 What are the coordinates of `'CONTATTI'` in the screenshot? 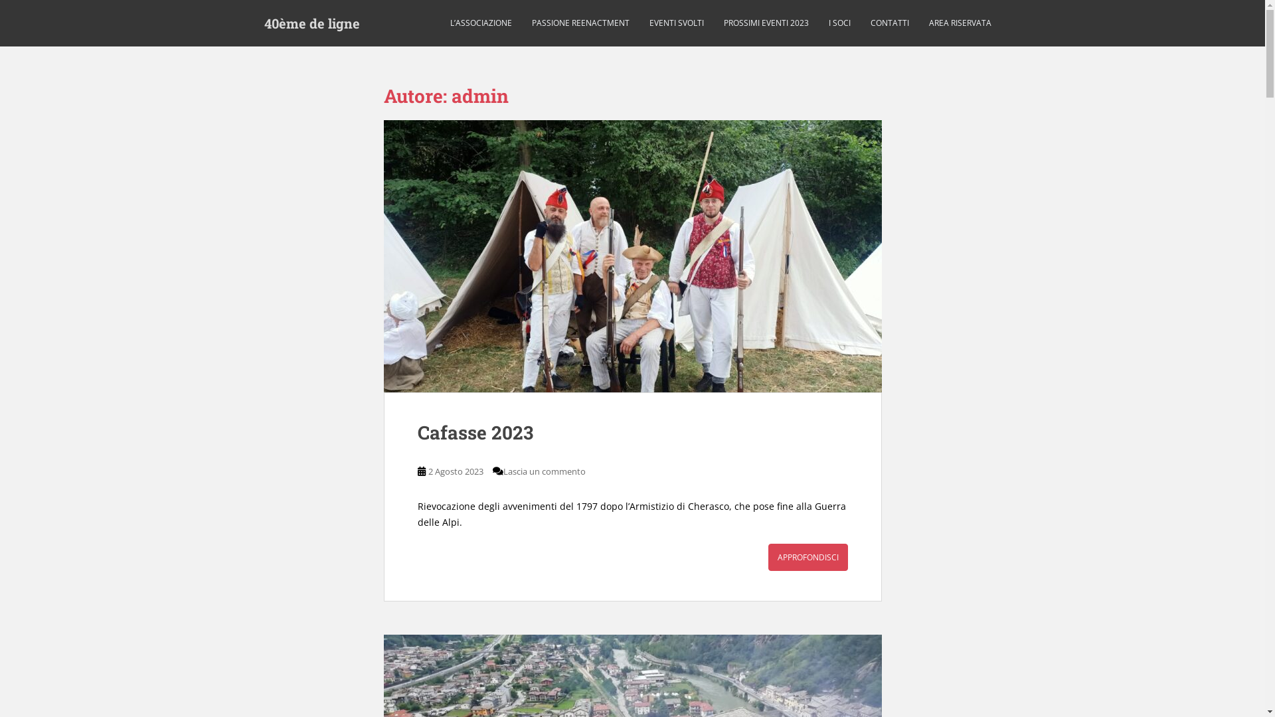 It's located at (889, 23).